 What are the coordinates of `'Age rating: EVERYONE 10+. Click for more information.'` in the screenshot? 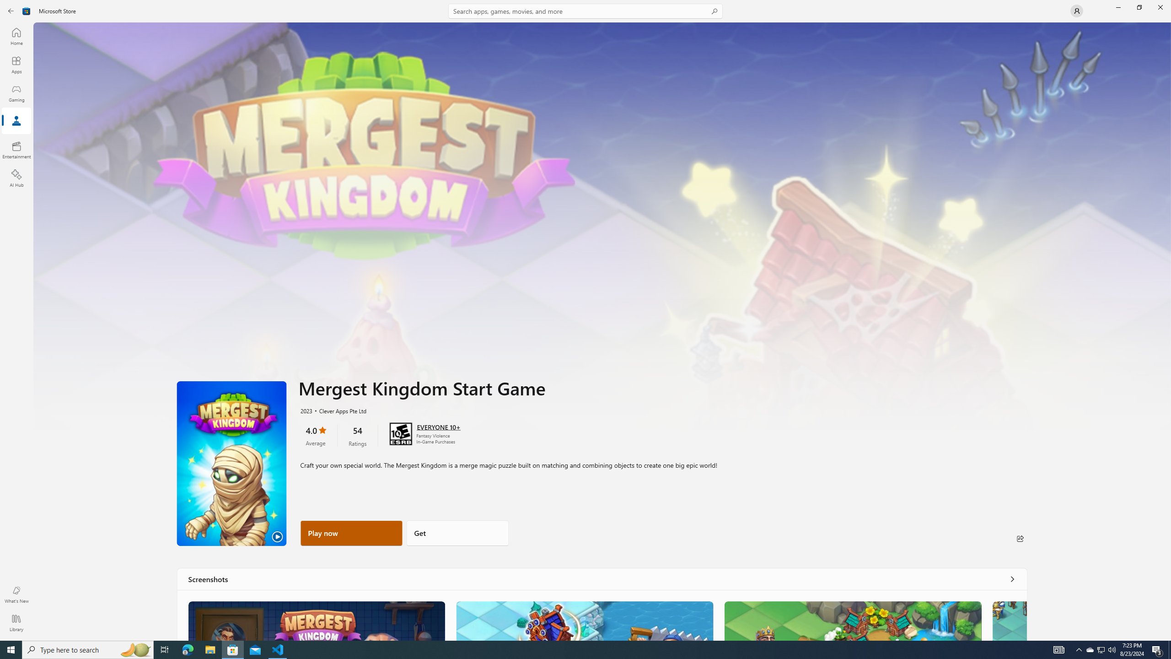 It's located at (438, 426).